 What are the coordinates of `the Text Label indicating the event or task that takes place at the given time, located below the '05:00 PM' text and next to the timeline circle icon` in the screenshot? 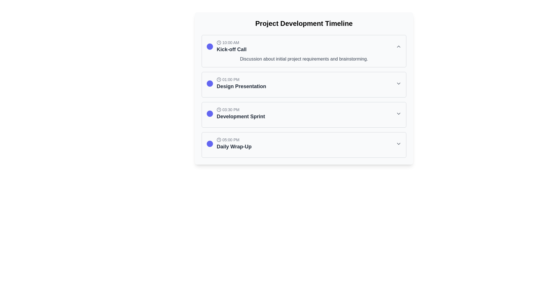 It's located at (234, 146).